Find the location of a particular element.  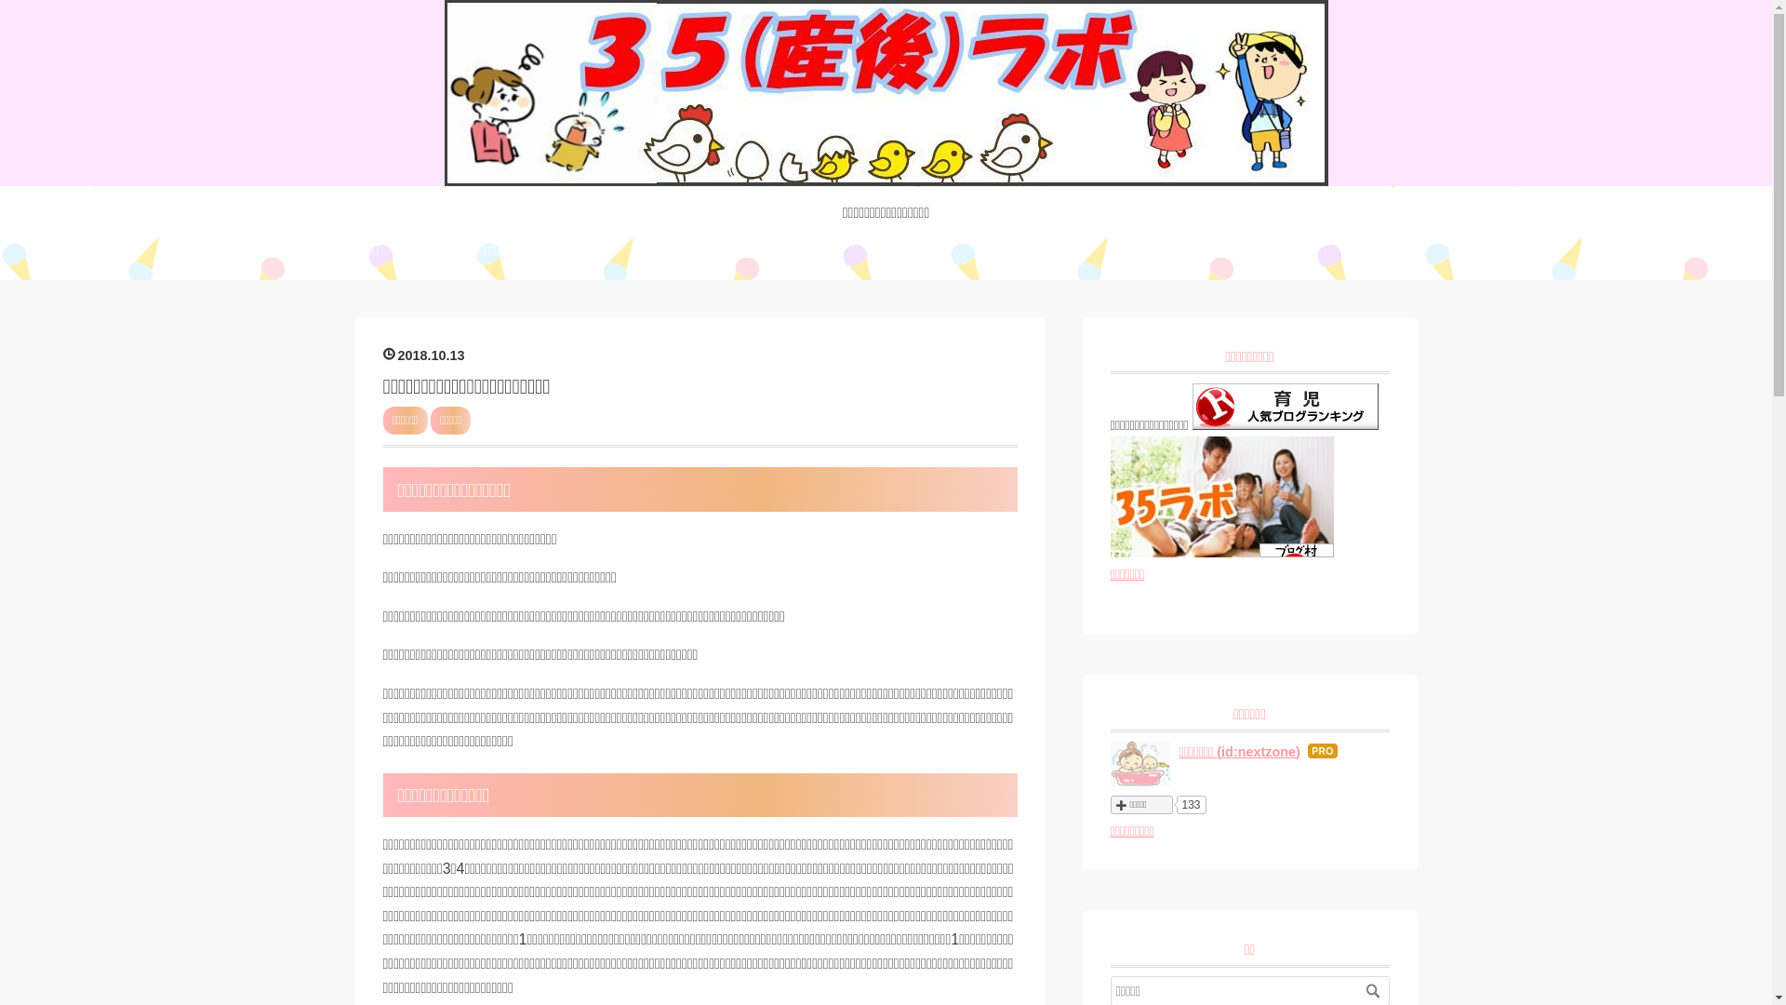

'20181013' is located at coordinates (423, 355).